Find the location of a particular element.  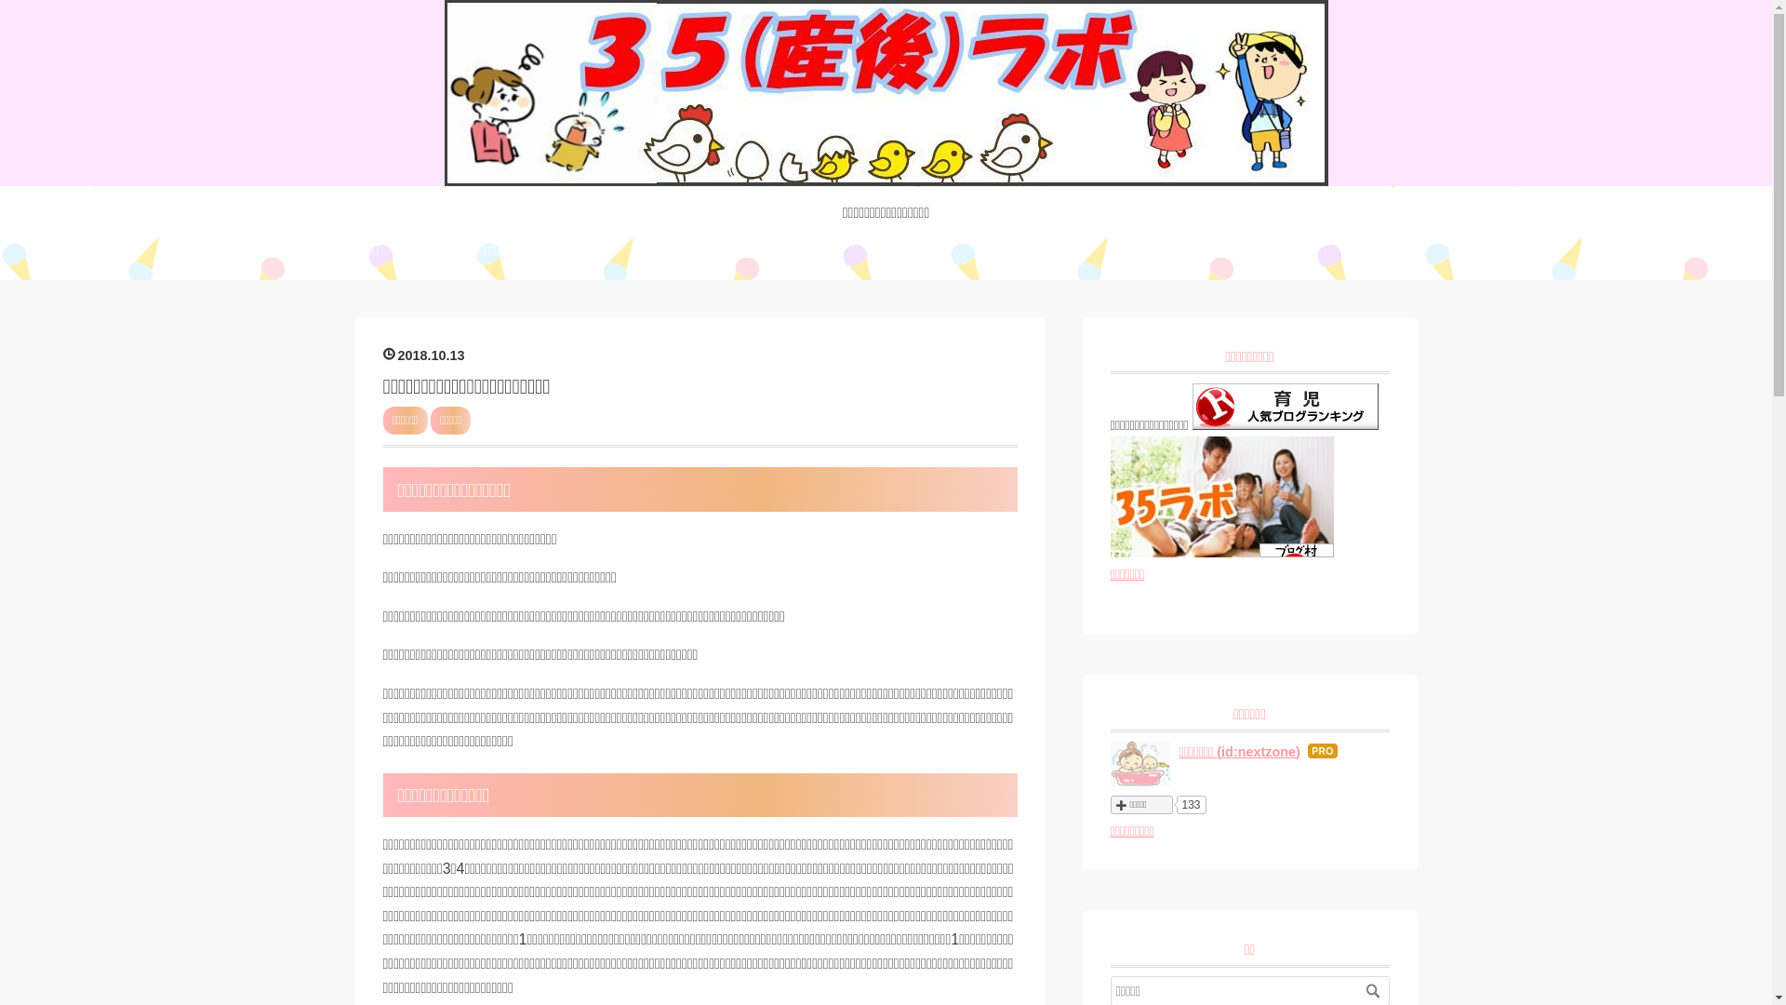

'20181013' is located at coordinates (423, 355).